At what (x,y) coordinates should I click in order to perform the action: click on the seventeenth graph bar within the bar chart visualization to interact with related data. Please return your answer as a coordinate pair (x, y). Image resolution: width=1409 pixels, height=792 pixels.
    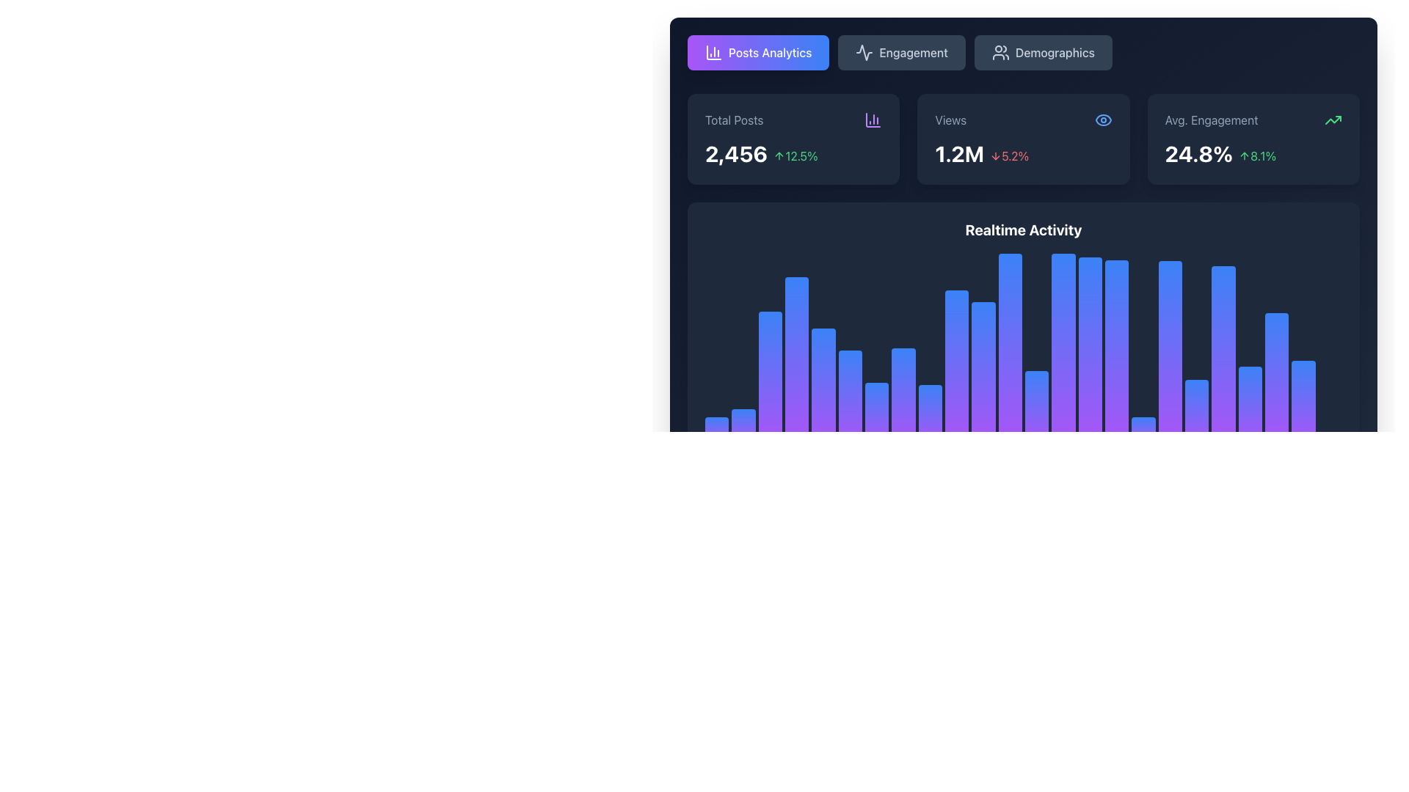
    Looking at the image, I should click on (1143, 393).